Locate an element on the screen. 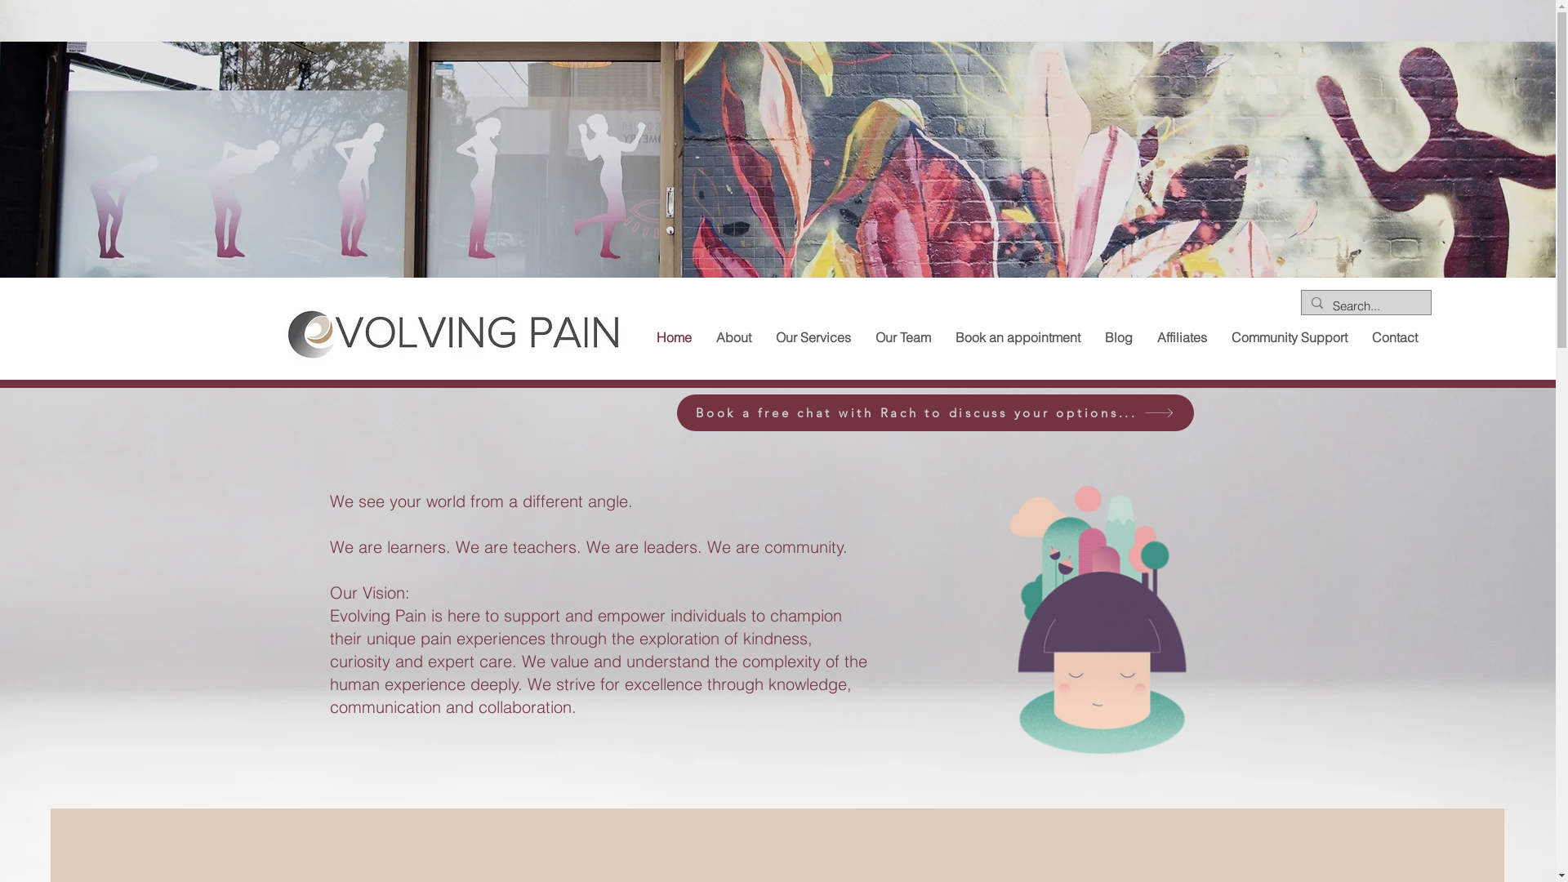 This screenshot has height=882, width=1568. 'Our Services' is located at coordinates (812, 336).